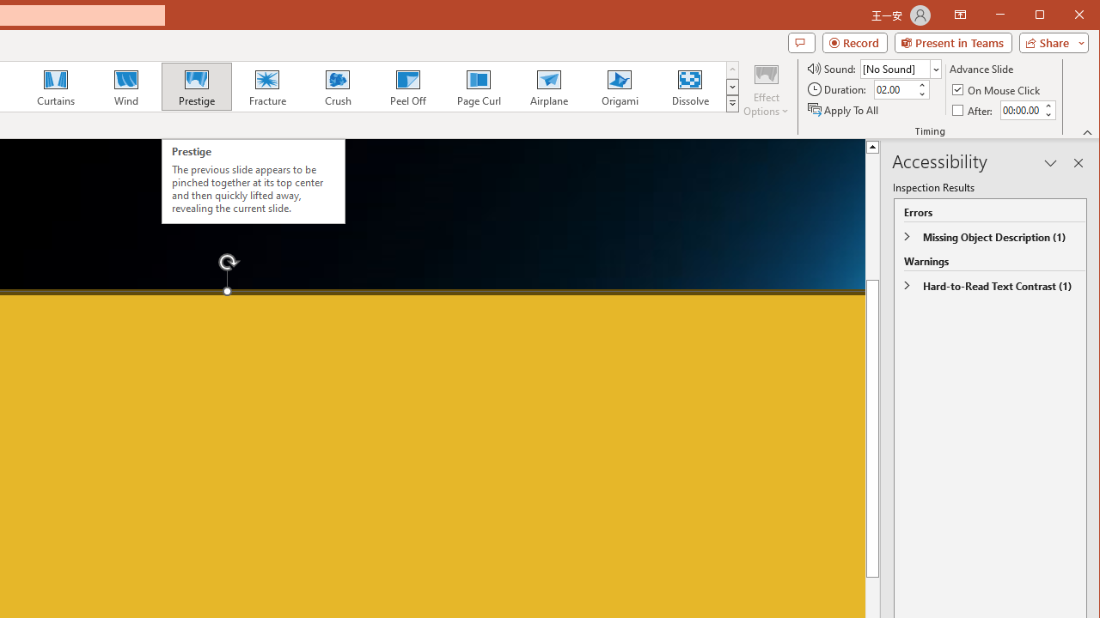  I want to click on 'Wind', so click(125, 86).